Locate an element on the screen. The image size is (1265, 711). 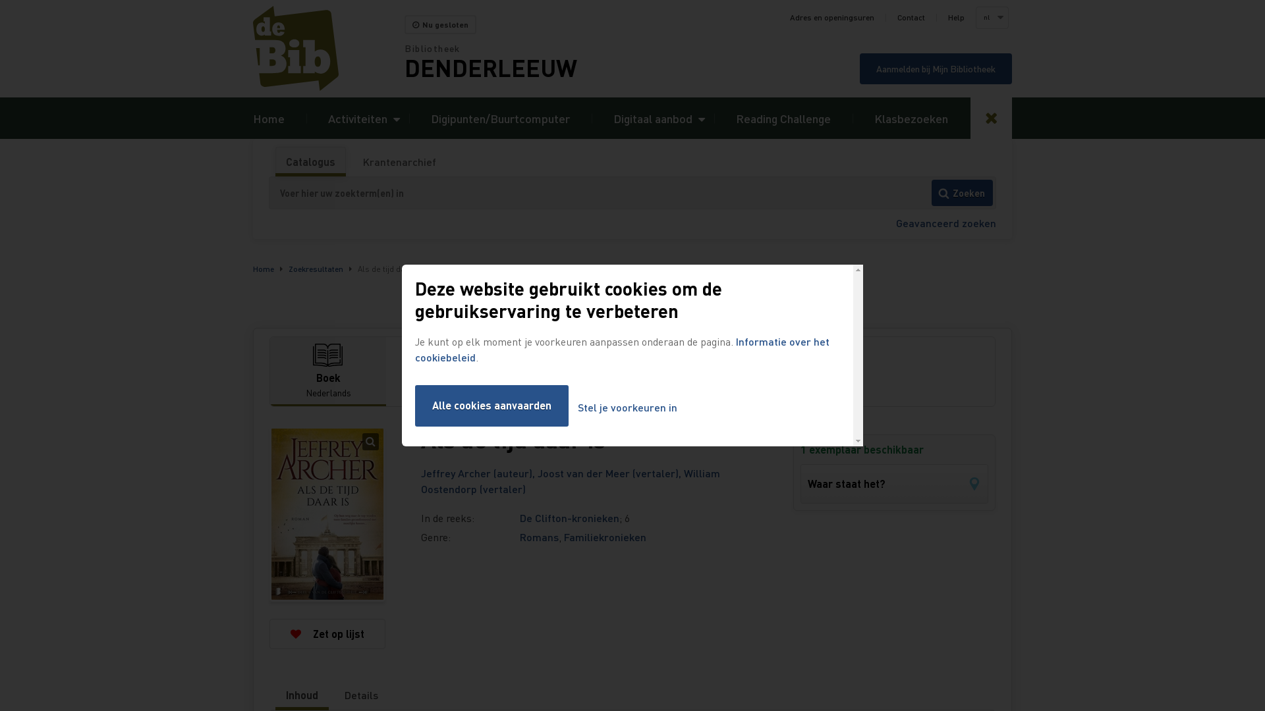
'Stel je voorkeuren in' is located at coordinates (627, 407).